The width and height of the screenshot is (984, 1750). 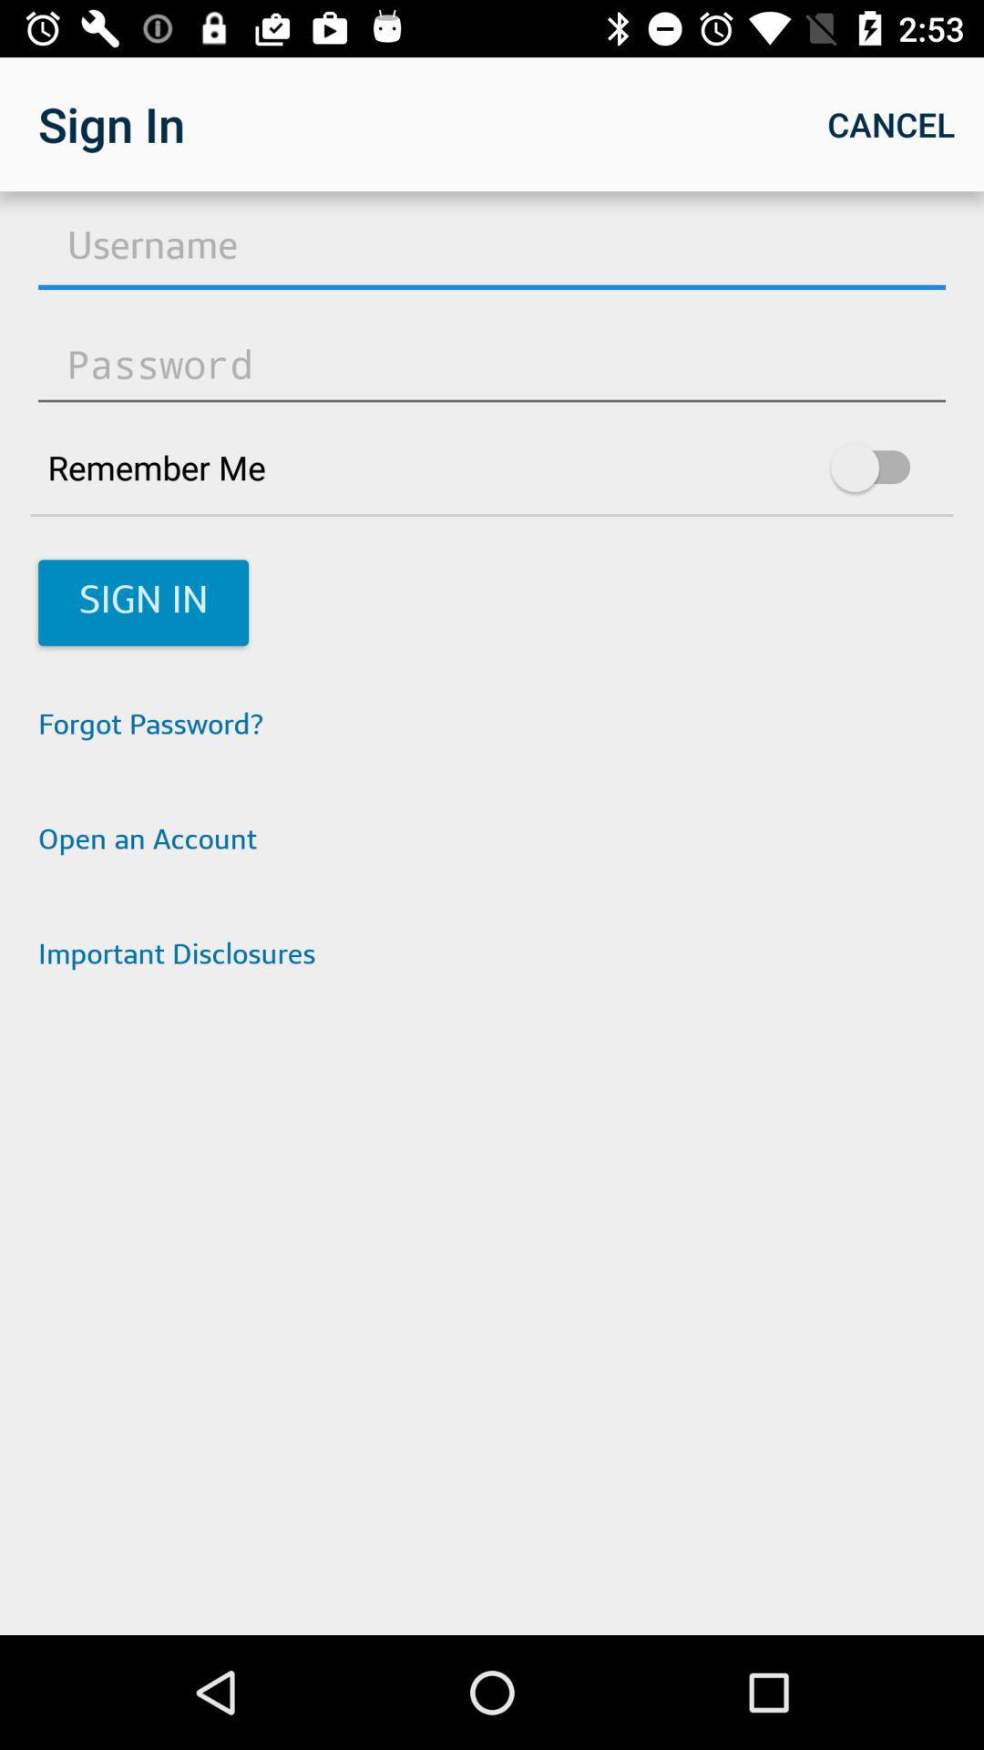 I want to click on the icon to the right of sign in app, so click(x=890, y=123).